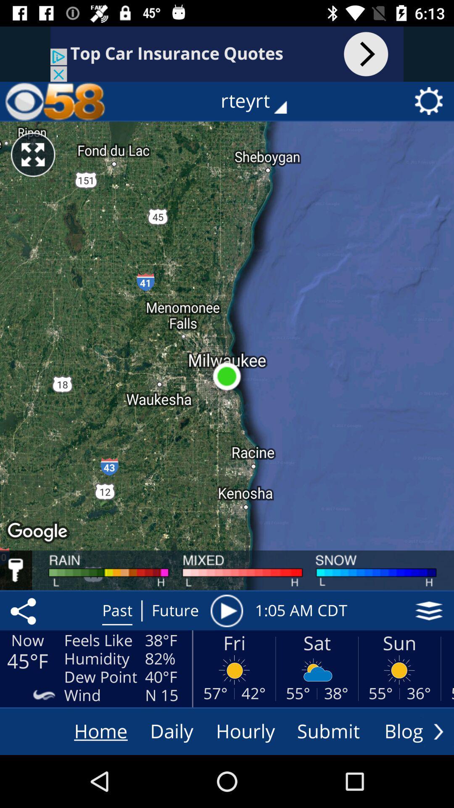  What do you see at coordinates (438, 731) in the screenshot?
I see `the arrow_forward icon` at bounding box center [438, 731].